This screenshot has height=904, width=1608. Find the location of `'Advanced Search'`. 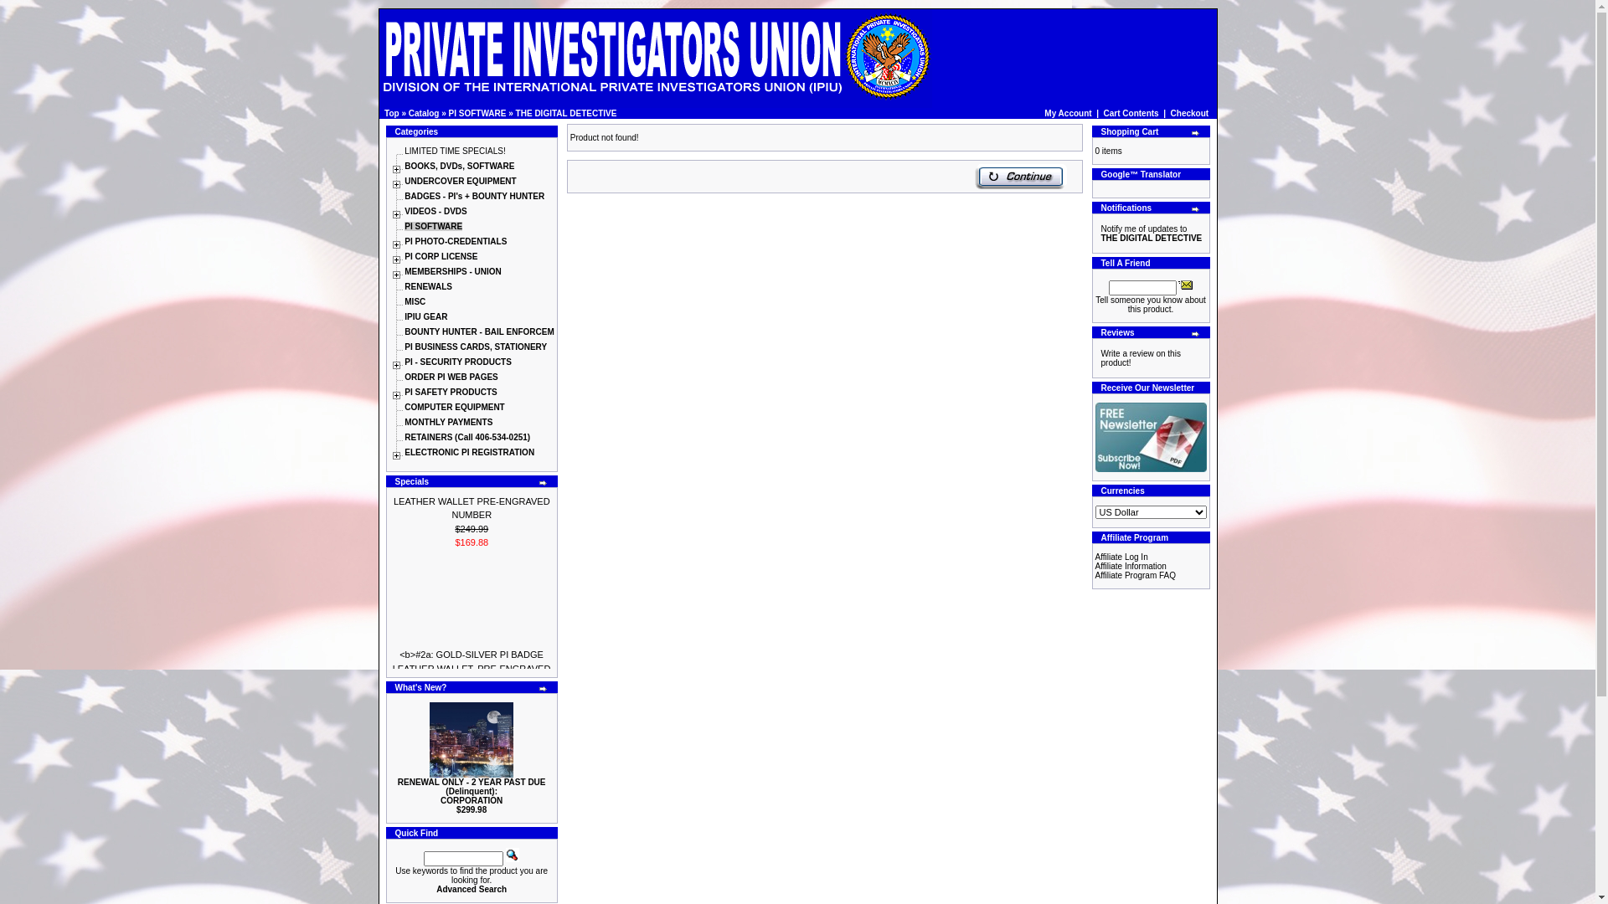

'Advanced Search' is located at coordinates (470, 888).